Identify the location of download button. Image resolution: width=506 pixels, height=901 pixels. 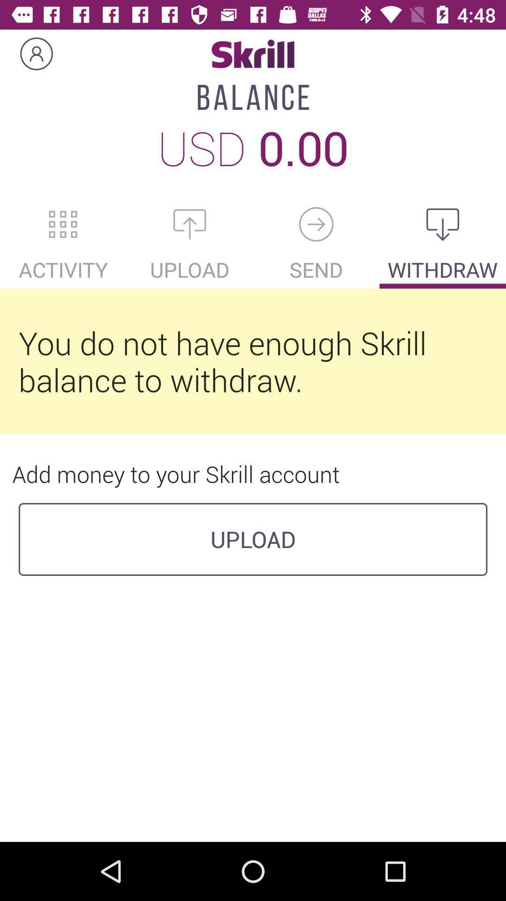
(443, 224).